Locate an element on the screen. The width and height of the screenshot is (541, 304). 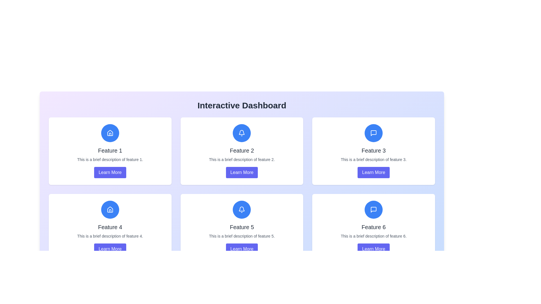
the bell-shaped graphic element within the SVG icon, which is slightly overlapping the base of the bell is located at coordinates (242, 132).